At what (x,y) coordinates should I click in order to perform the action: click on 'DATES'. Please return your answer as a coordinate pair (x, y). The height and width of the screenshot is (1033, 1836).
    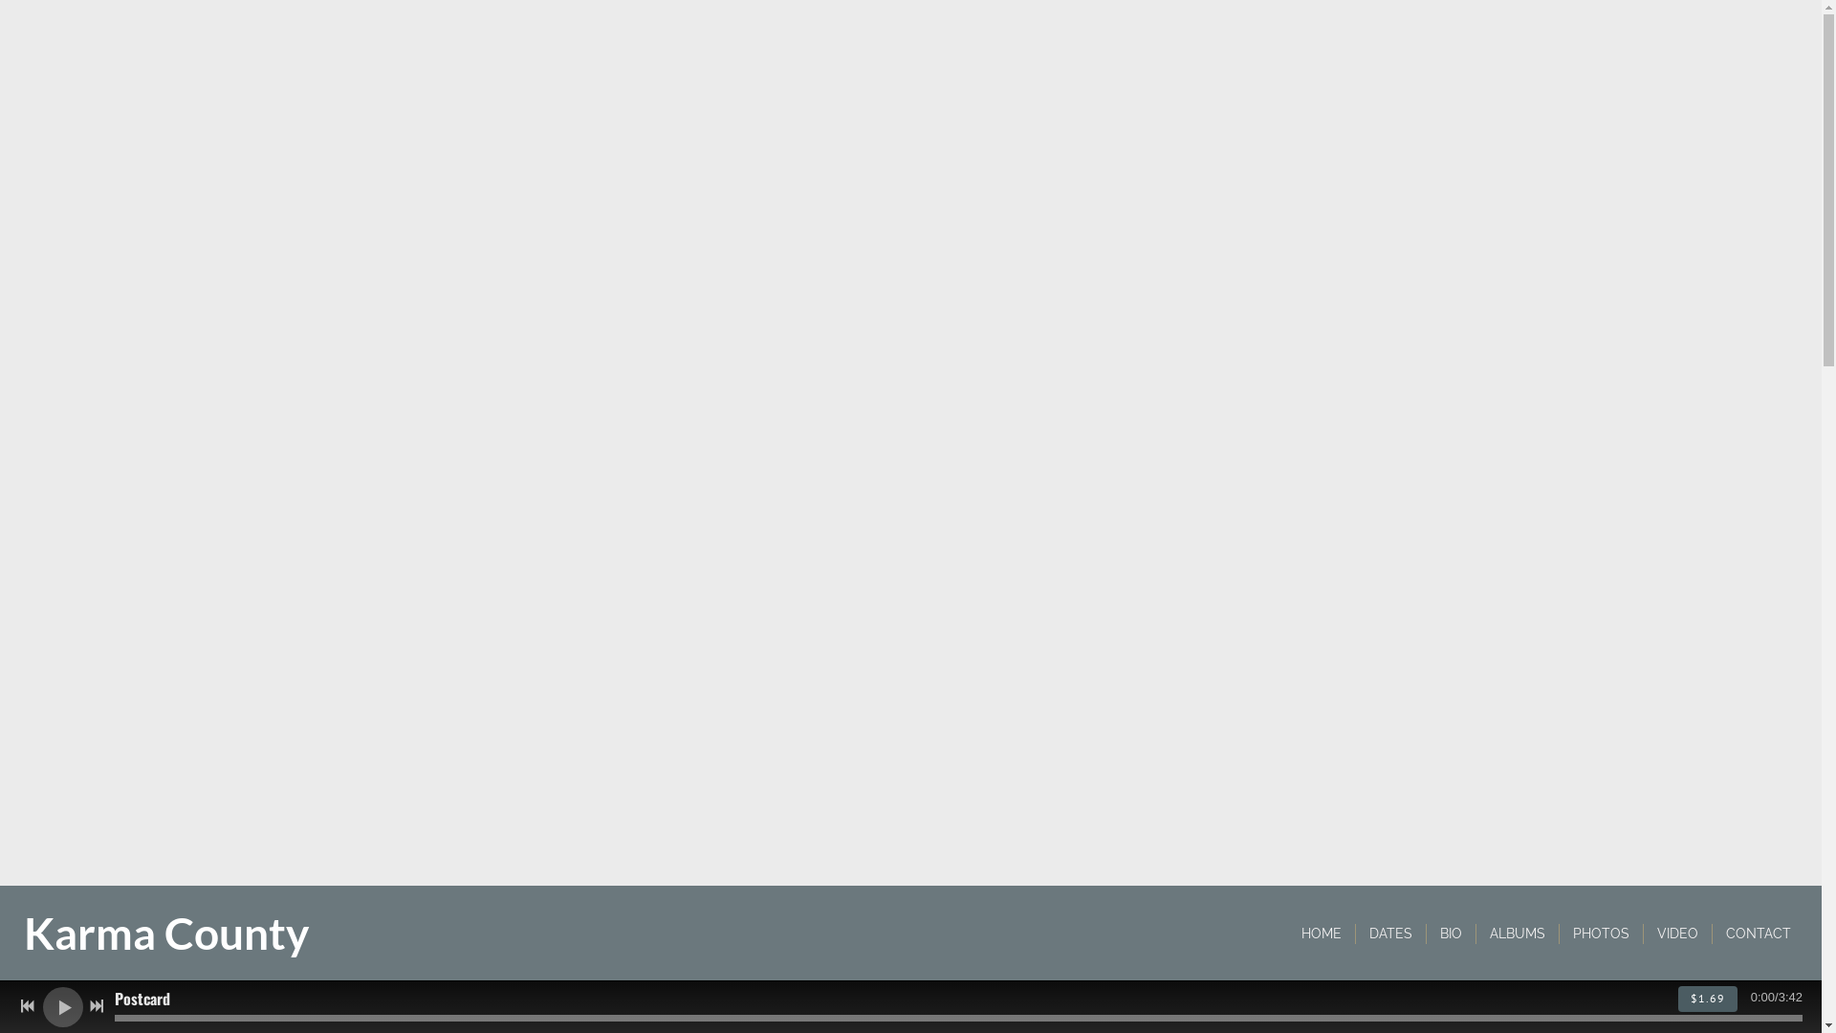
    Looking at the image, I should click on (1390, 933).